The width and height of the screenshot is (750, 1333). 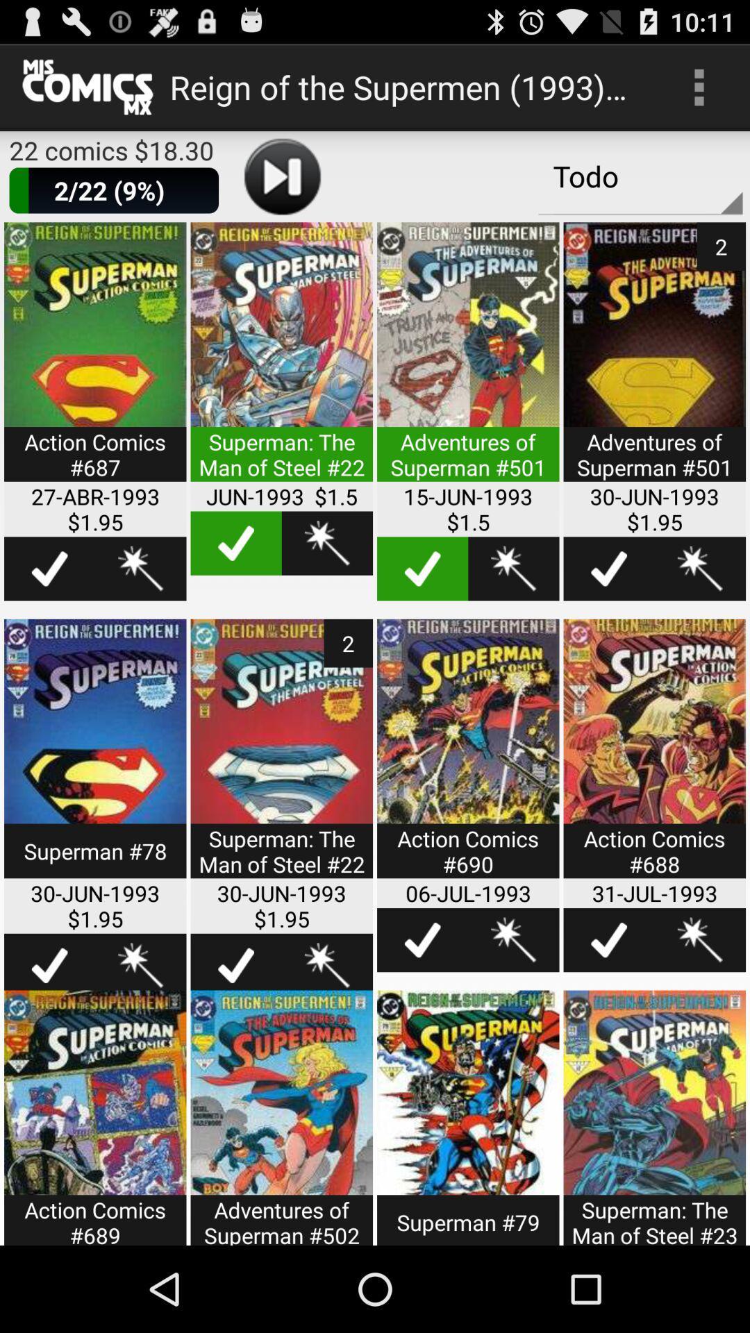 What do you see at coordinates (140, 569) in the screenshot?
I see `to wishlist` at bounding box center [140, 569].